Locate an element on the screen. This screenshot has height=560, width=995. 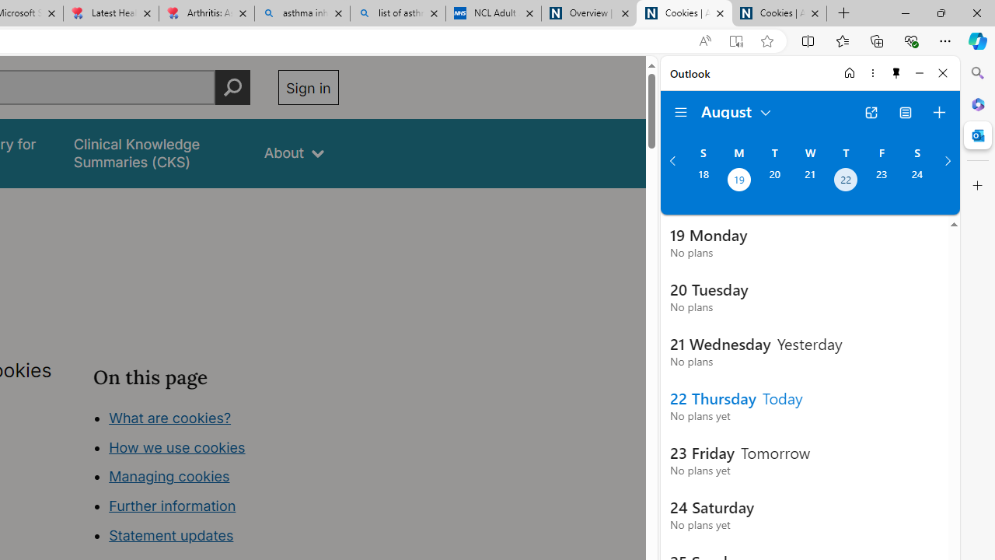
'Microsoft 365' is located at coordinates (977, 103).